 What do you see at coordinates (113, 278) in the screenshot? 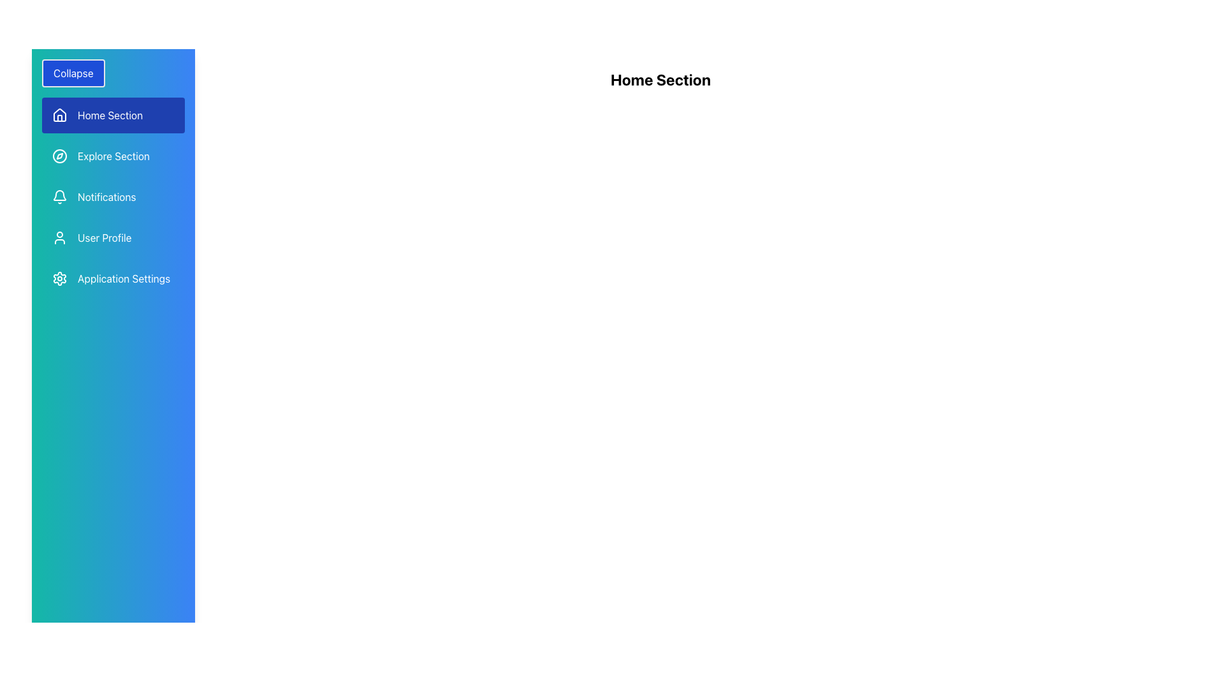
I see `the fifth item in the vertical navigation menu on the left side` at bounding box center [113, 278].